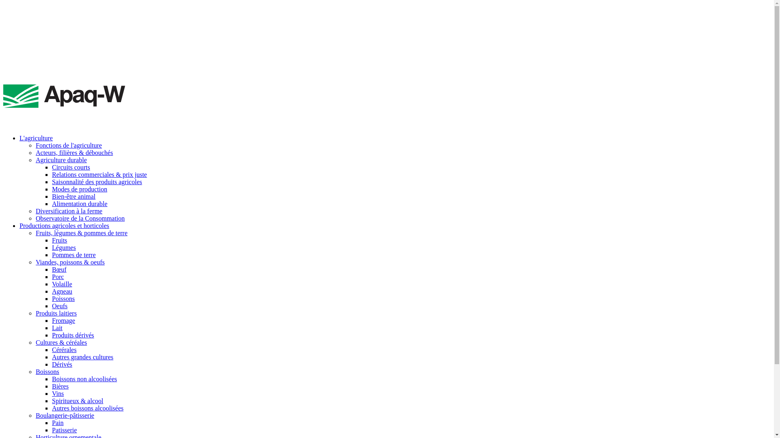  Describe the element at coordinates (57, 276) in the screenshot. I see `'Porc'` at that location.